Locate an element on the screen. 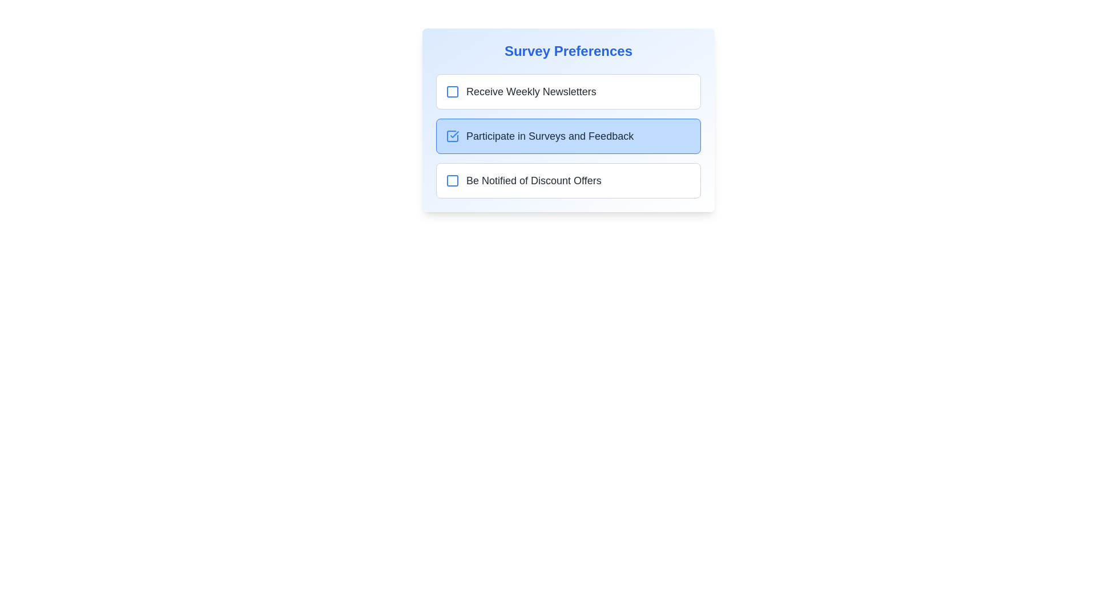 The height and width of the screenshot is (616, 1096). the descriptive label for the checkbox indicating notification preferences for discount offers, located in the 'Survey Preferences' section, beneath 'Participate in Surveys and Feedback' is located at coordinates (533, 180).